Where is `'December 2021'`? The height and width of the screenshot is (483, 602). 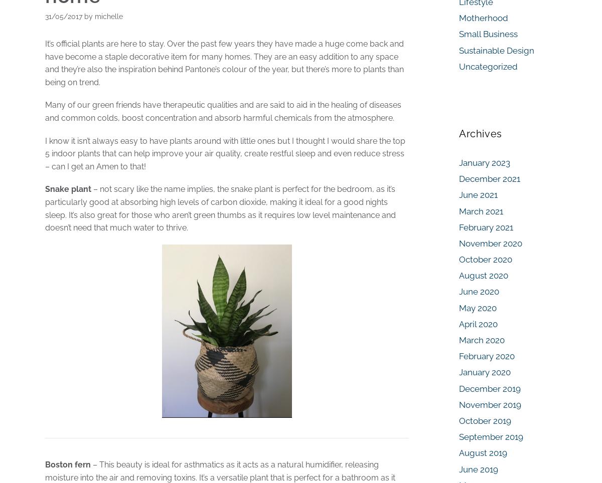 'December 2021' is located at coordinates (489, 178).